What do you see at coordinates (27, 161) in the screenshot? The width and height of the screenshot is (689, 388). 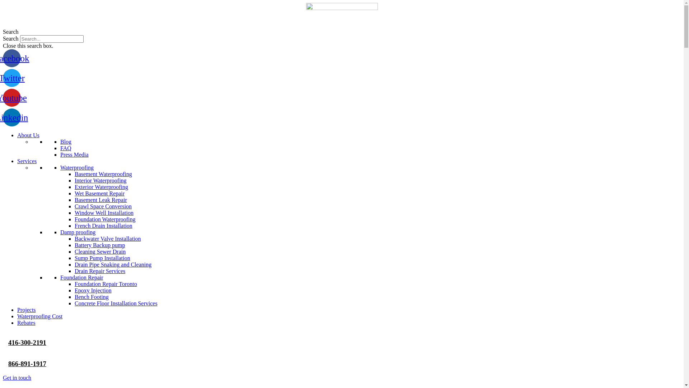 I see `'Services'` at bounding box center [27, 161].